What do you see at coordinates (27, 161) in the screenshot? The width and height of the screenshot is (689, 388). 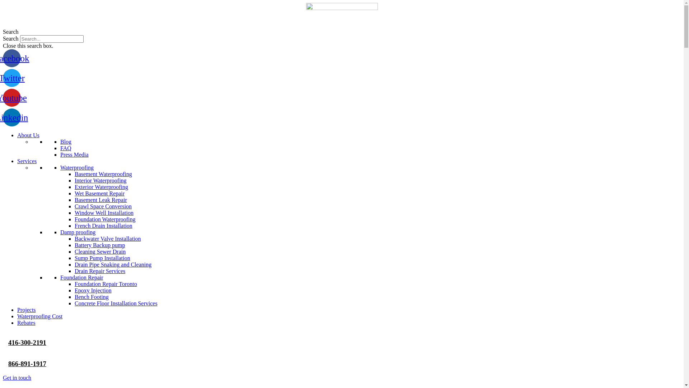 I see `'Services'` at bounding box center [27, 161].